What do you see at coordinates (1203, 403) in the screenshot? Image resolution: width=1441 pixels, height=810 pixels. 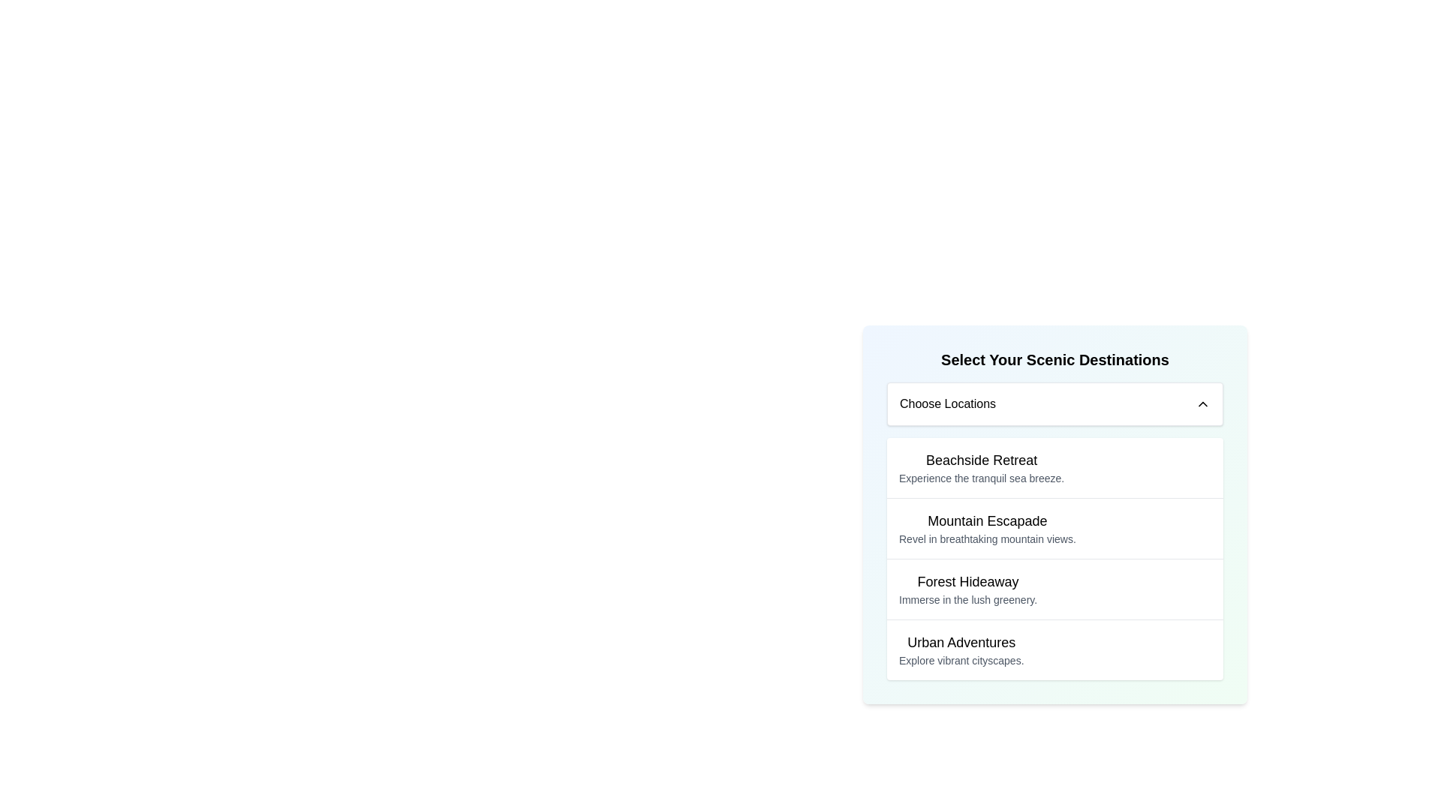 I see `the small upward-pointing chevron icon, which is located within the white rectangular section containing the text 'Choose Locations', positioned towards the right end of this section` at bounding box center [1203, 403].